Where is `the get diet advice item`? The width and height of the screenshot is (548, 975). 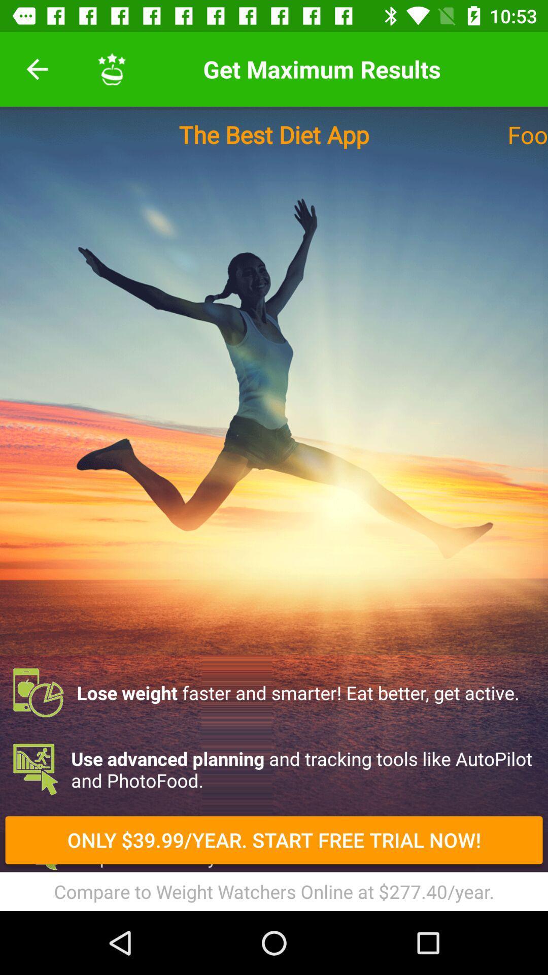
the get diet advice item is located at coordinates (274, 846).